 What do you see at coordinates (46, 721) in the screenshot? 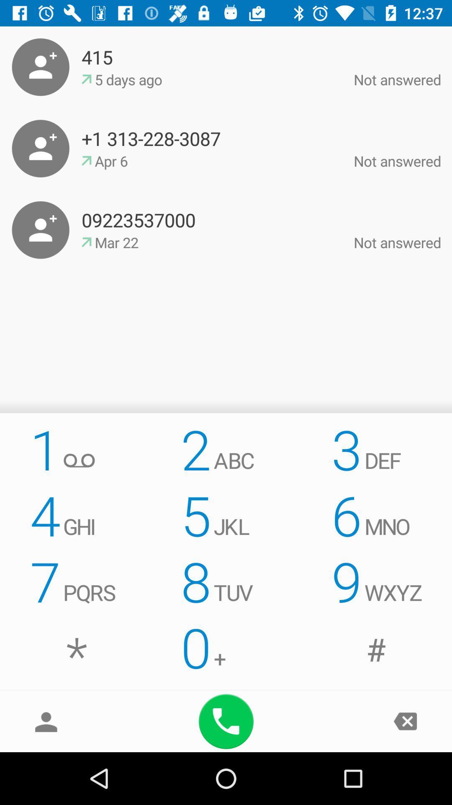
I see `the avatar icon` at bounding box center [46, 721].